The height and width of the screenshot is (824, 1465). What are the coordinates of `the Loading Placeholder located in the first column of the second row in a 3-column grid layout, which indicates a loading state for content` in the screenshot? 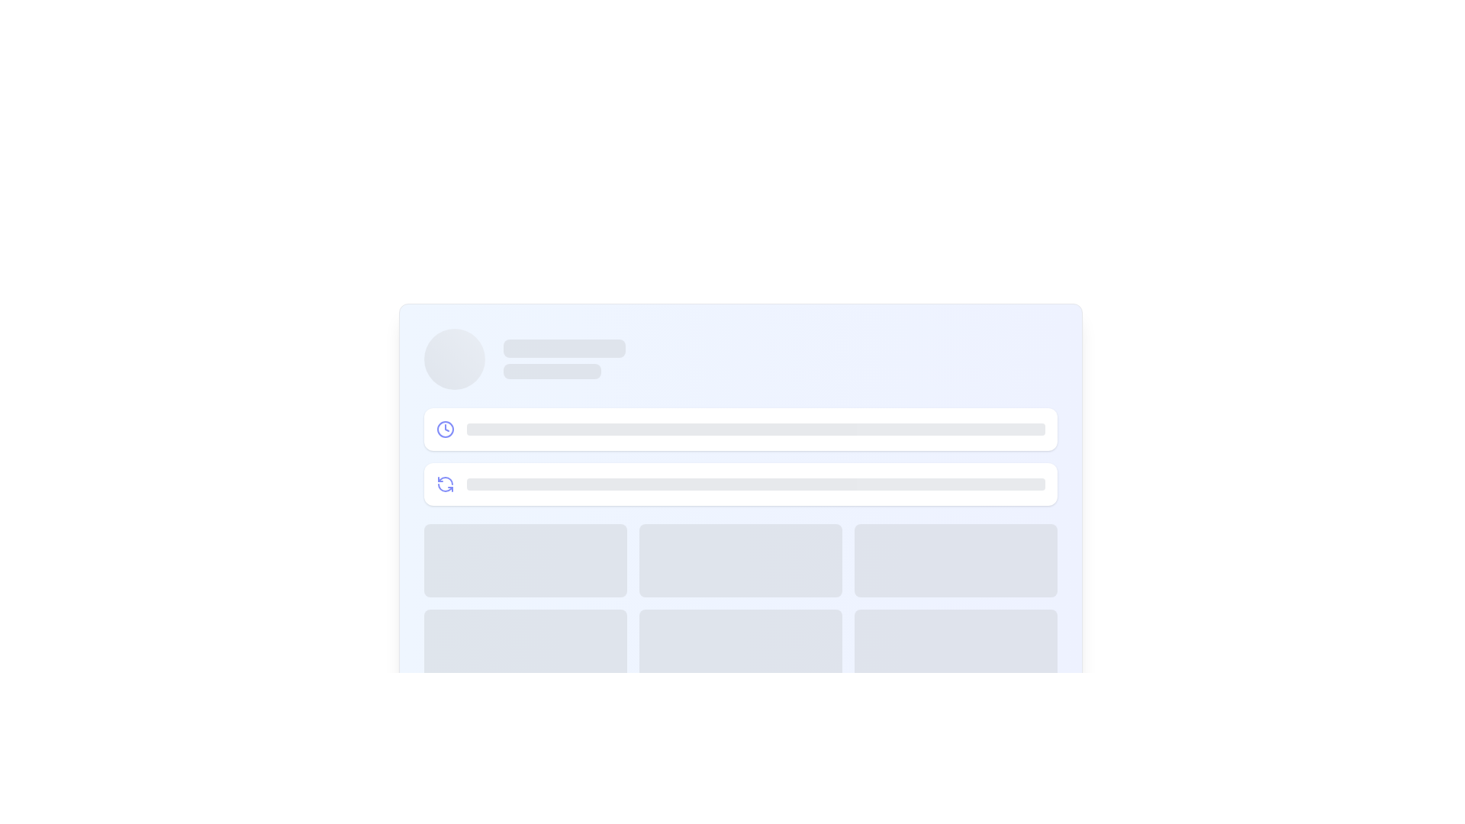 It's located at (525, 646).